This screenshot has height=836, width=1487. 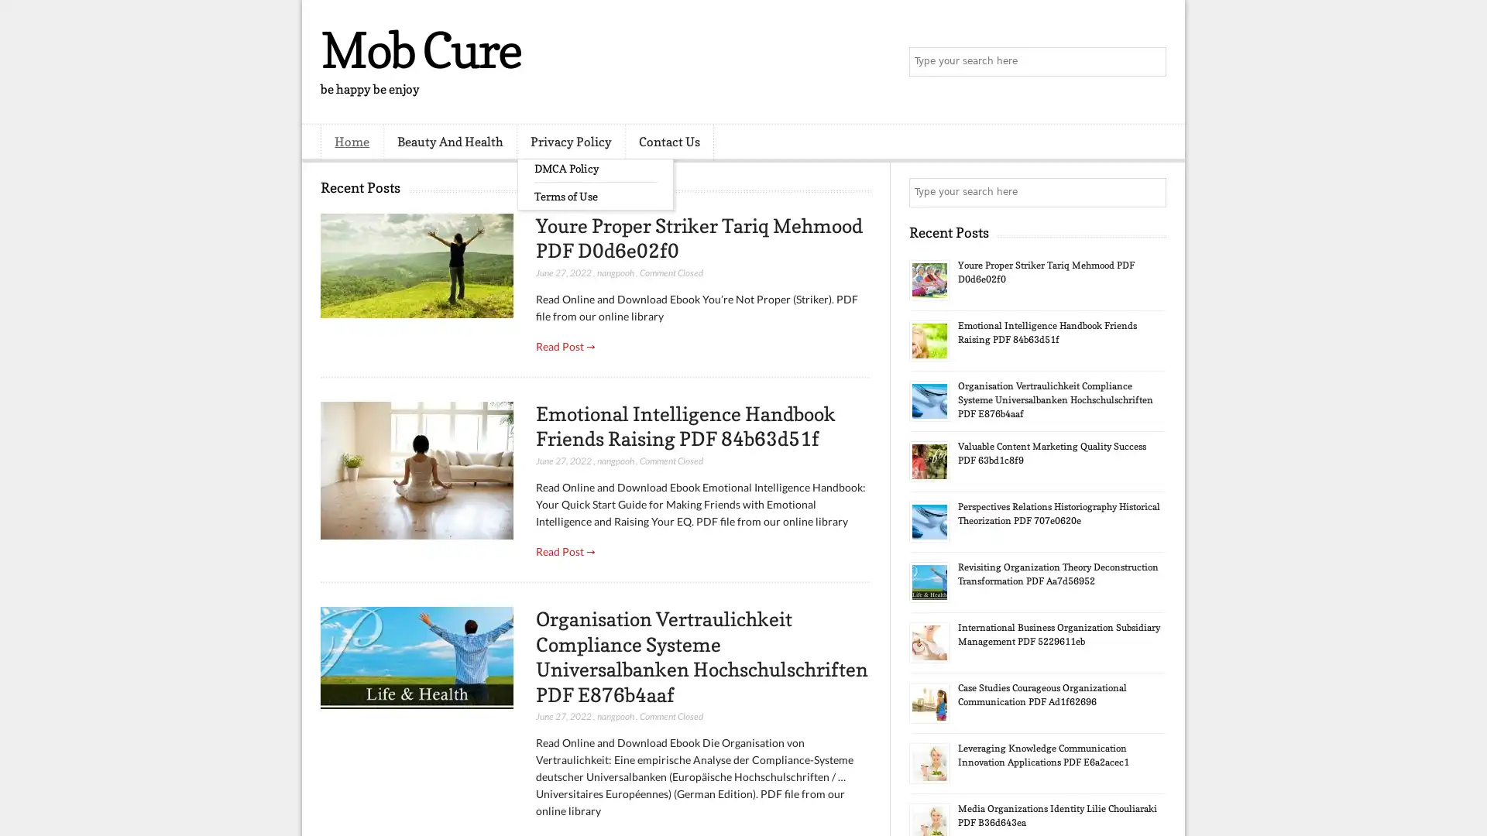 What do you see at coordinates (1150, 192) in the screenshot?
I see `Search` at bounding box center [1150, 192].